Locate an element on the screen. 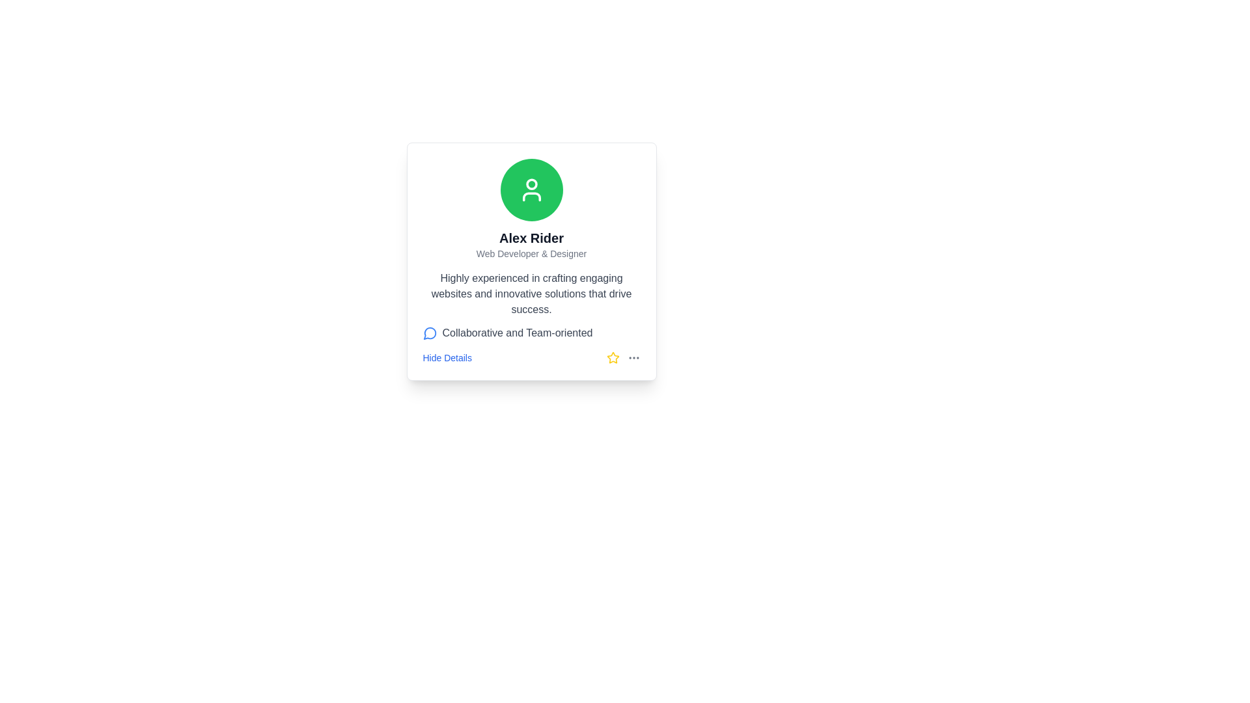 Image resolution: width=1250 pixels, height=703 pixels. the Icon group located at the bottom right corner of the card interface, adjacent to the 'Hide Details' text link is located at coordinates (622, 358).